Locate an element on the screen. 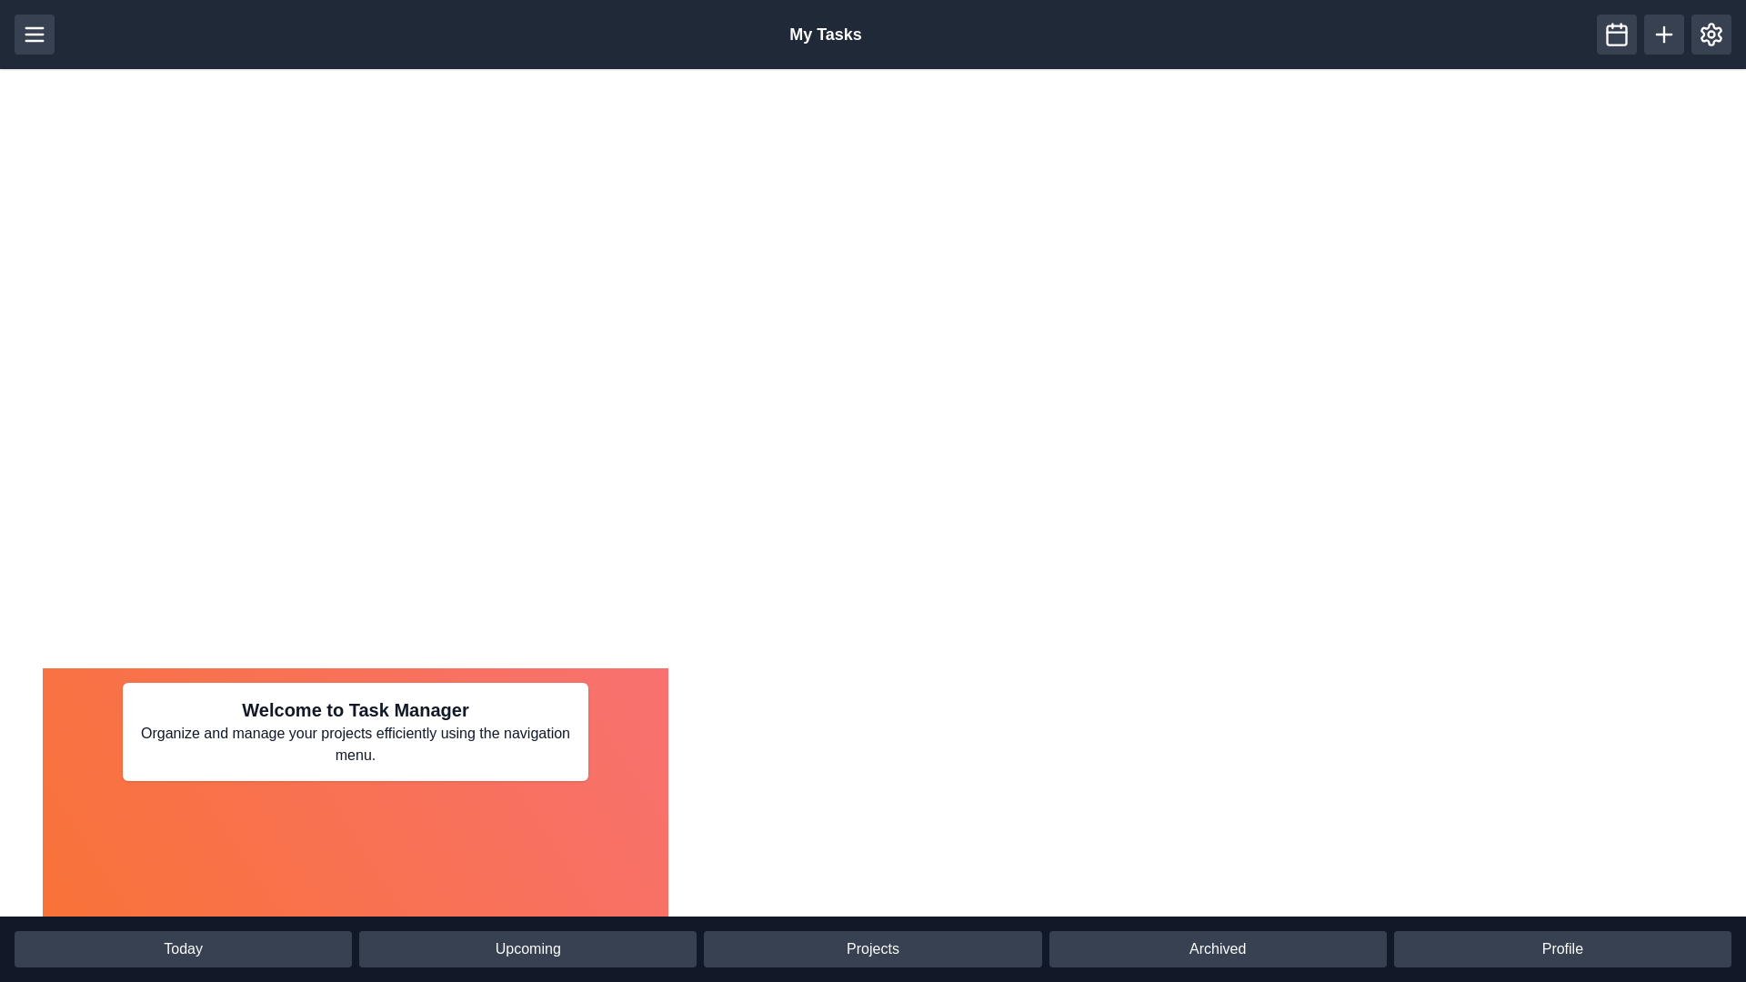 Image resolution: width=1746 pixels, height=982 pixels. the Archived button in the bottom navigation bar to navigate to the corresponding section is located at coordinates (1218, 948).